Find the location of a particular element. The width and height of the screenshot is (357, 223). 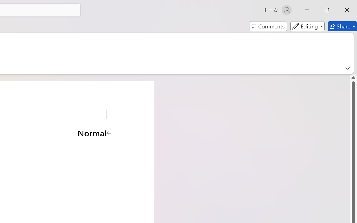

'Line up' is located at coordinates (353, 77).